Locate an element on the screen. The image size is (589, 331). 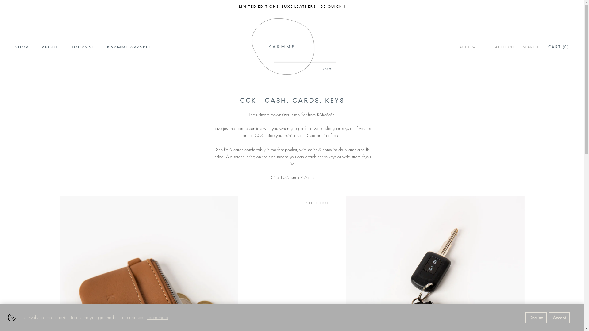
'Decline' is located at coordinates (536, 317).